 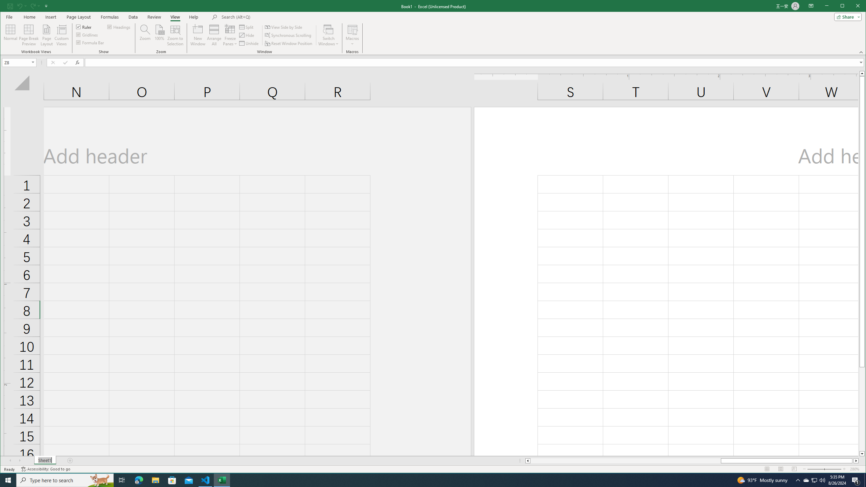 What do you see at coordinates (121, 480) in the screenshot?
I see `'Task View'` at bounding box center [121, 480].